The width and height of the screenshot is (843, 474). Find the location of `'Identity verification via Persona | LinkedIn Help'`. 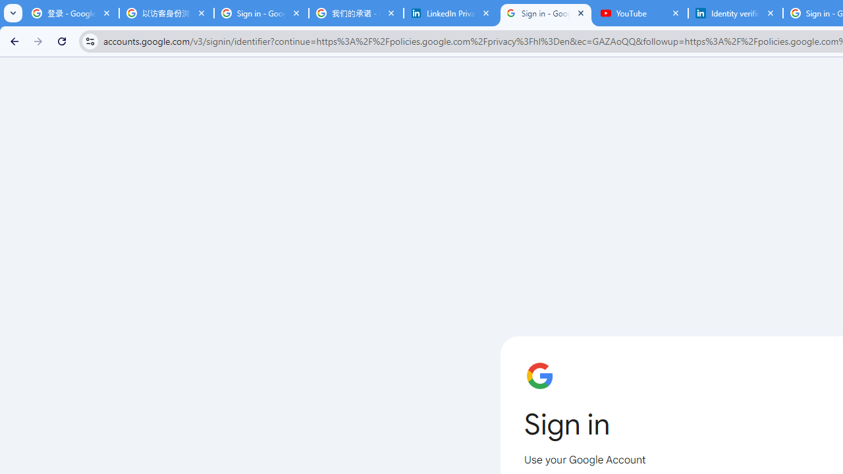

'Identity verification via Persona | LinkedIn Help' is located at coordinates (734, 13).